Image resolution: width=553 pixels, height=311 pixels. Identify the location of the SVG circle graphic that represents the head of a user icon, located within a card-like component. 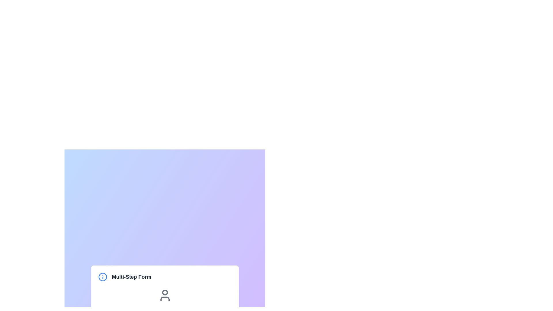
(164, 292).